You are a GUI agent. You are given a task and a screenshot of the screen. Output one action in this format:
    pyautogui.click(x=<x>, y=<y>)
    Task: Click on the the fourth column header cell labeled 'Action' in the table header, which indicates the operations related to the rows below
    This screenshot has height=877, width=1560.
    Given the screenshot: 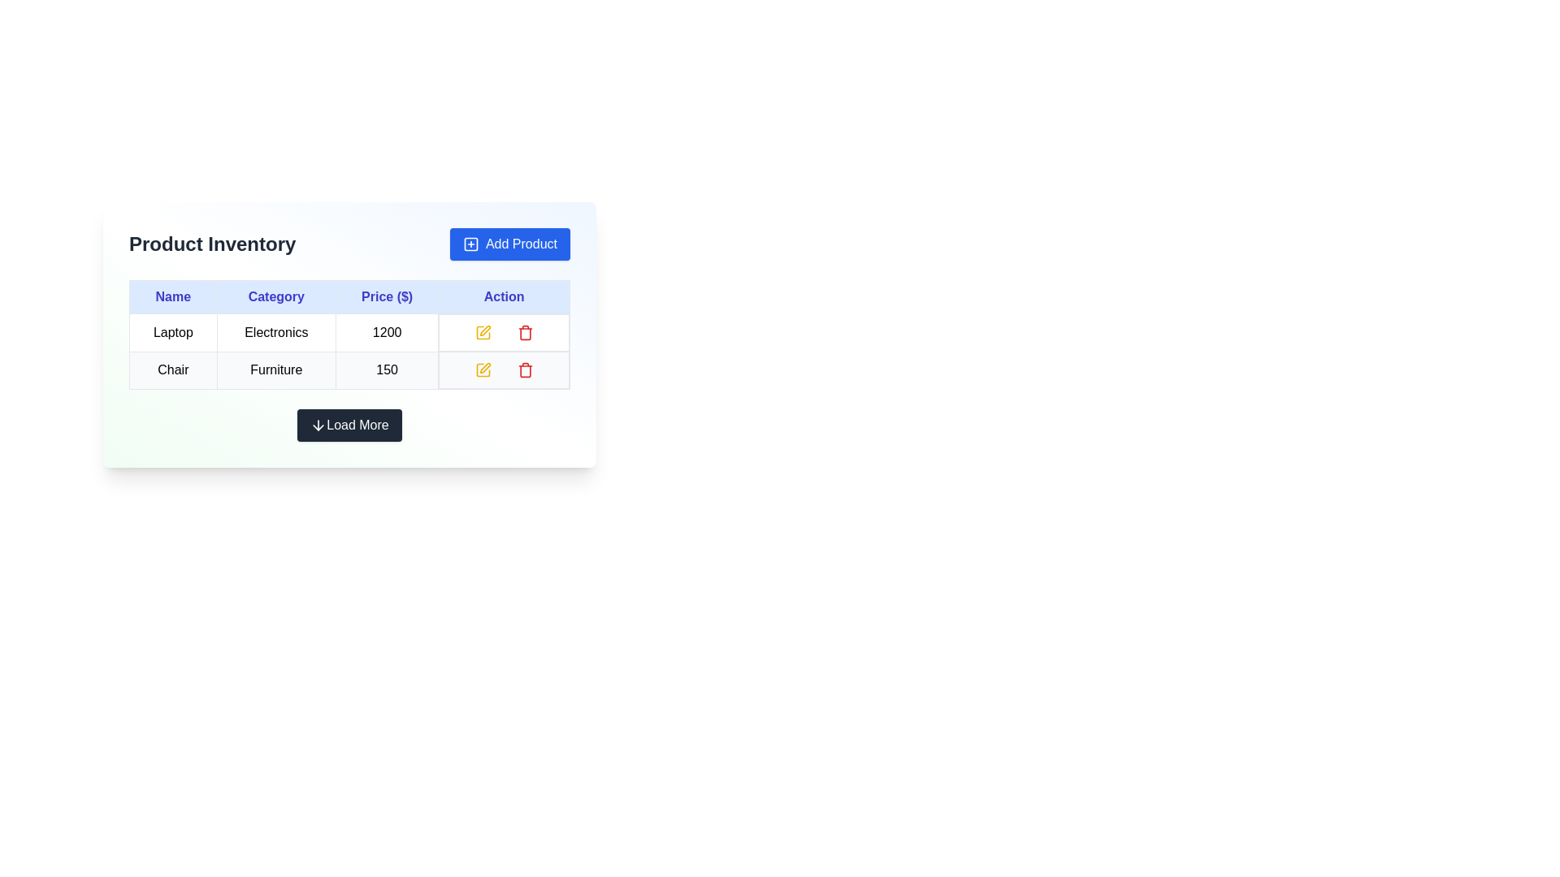 What is the action you would take?
    pyautogui.click(x=503, y=297)
    